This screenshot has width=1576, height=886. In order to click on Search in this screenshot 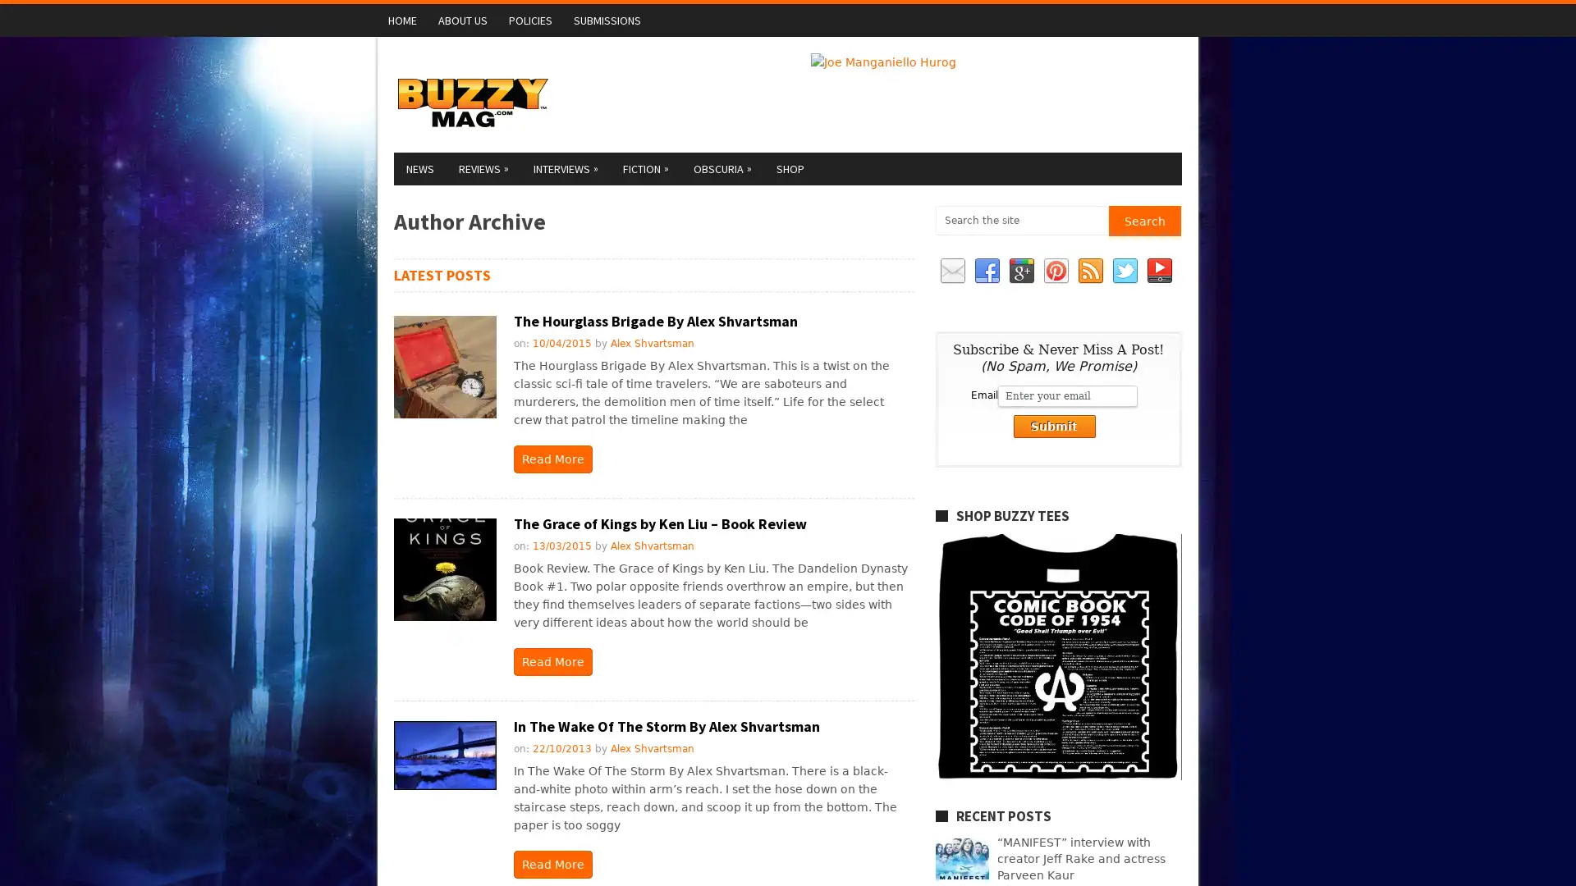, I will do `click(1143, 220)`.